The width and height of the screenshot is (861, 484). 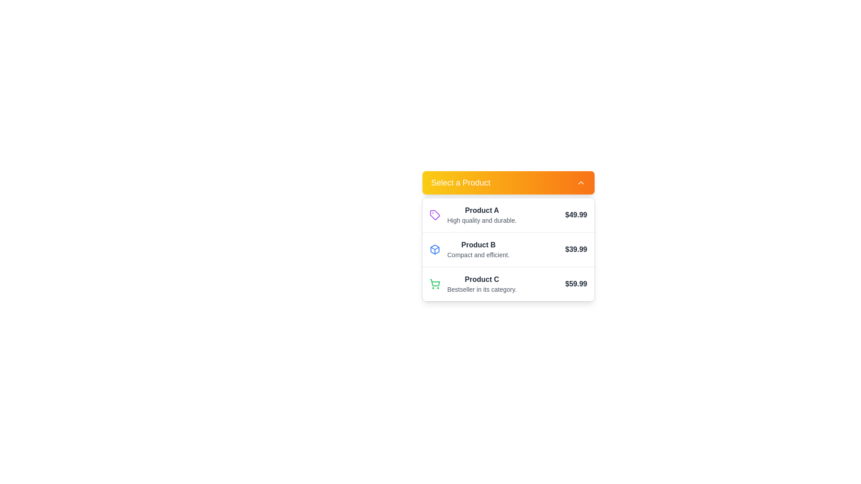 I want to click on the static text label displaying a description for 'Product B', located centrally under the 'Product B' listing in the dropdown interface, so click(x=478, y=255).